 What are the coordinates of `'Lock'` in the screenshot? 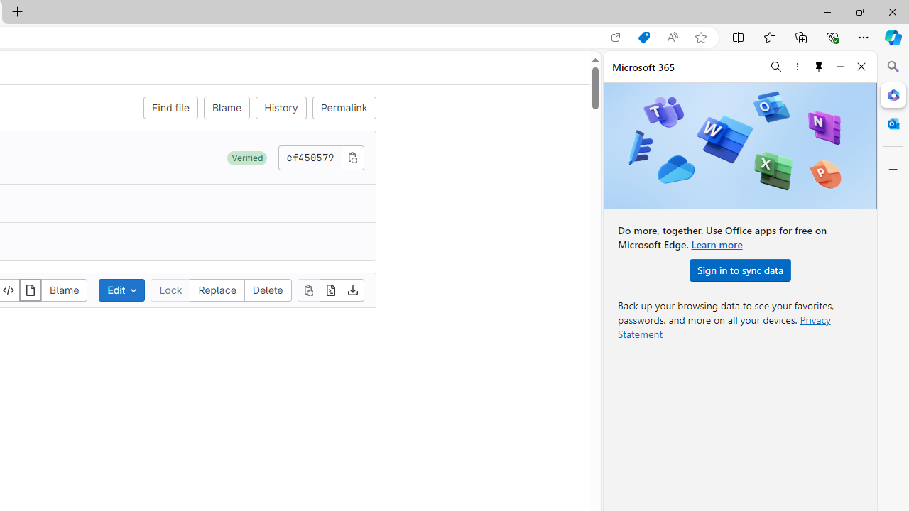 It's located at (170, 289).